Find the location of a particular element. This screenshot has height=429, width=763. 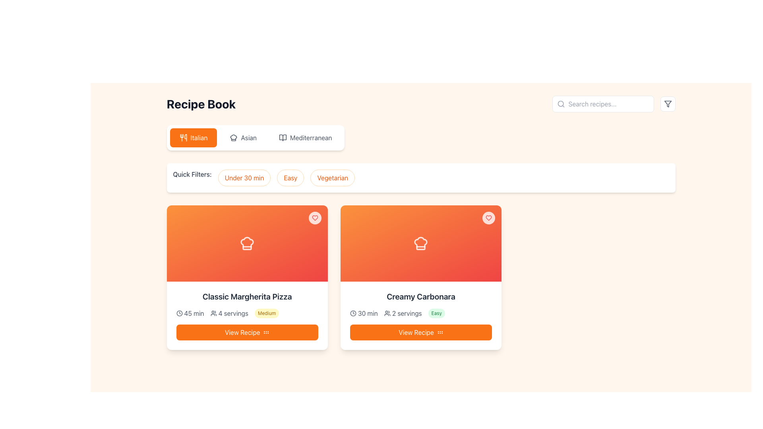

the text label displaying '4 servings' that is located next to a user icon within the card for the 'Classic Margherita Pizza' recipe is located at coordinates (233, 313).